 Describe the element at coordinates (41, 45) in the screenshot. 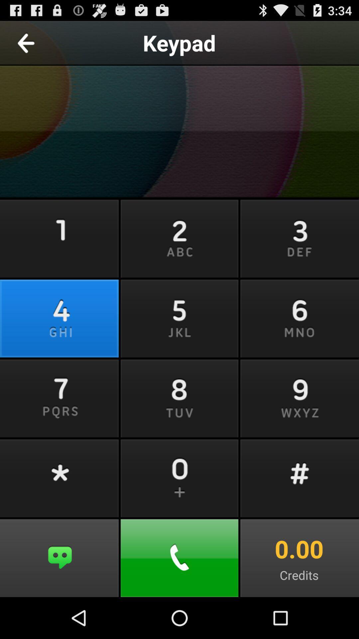

I see `the arrow_backward icon` at that location.